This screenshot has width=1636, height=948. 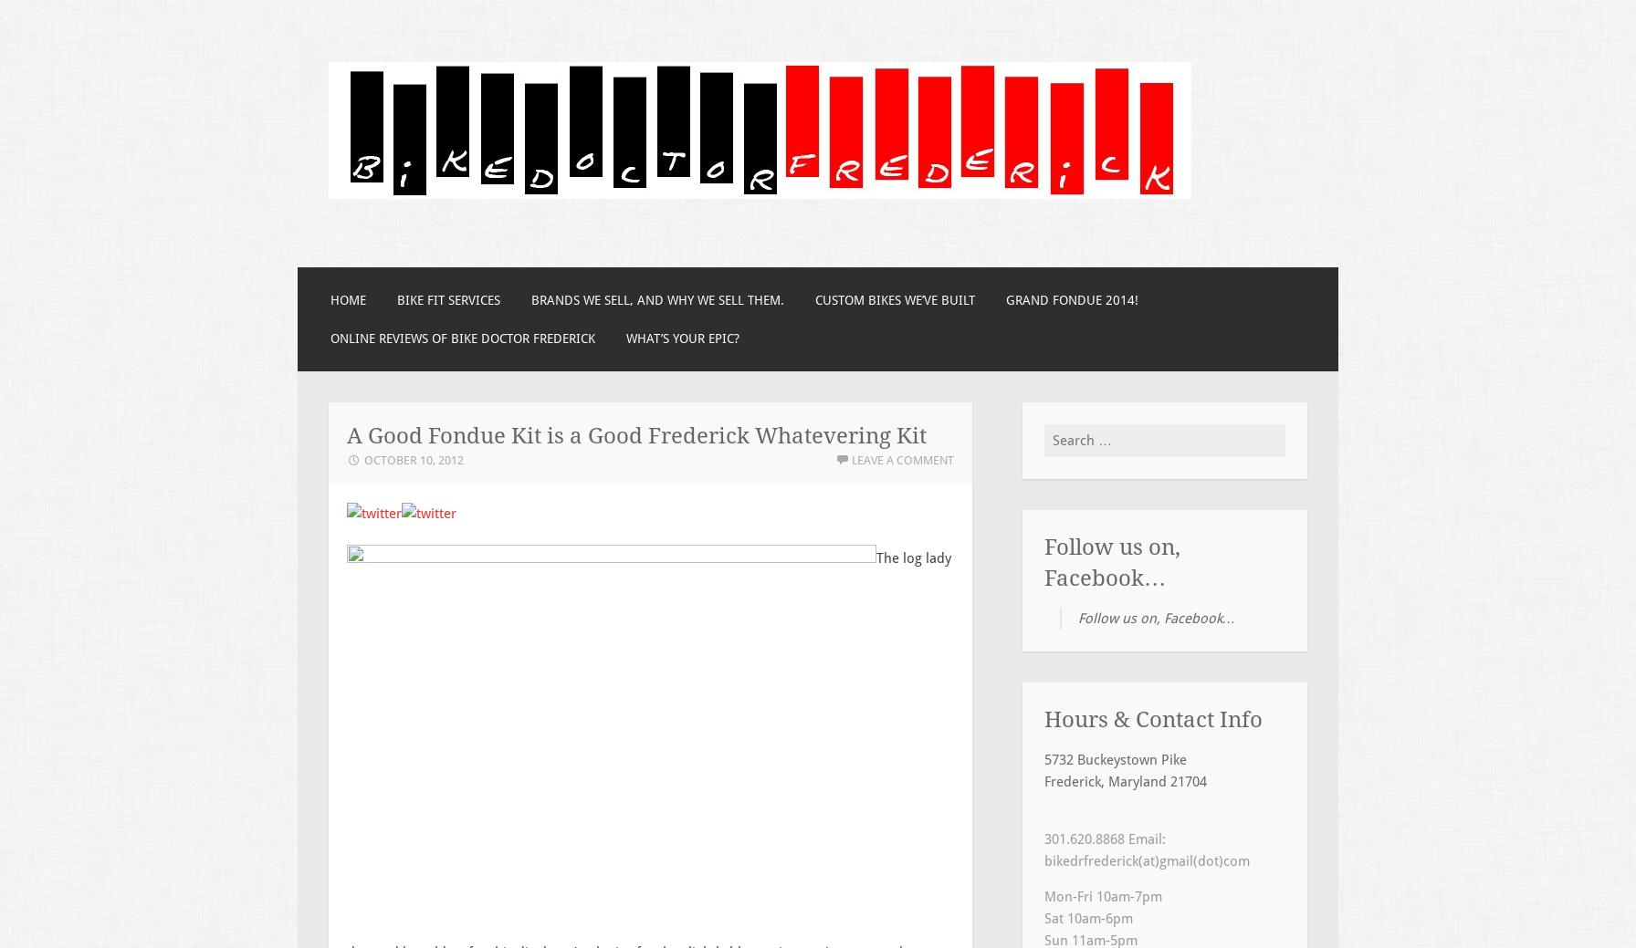 I want to click on 'Home', so click(x=348, y=300).